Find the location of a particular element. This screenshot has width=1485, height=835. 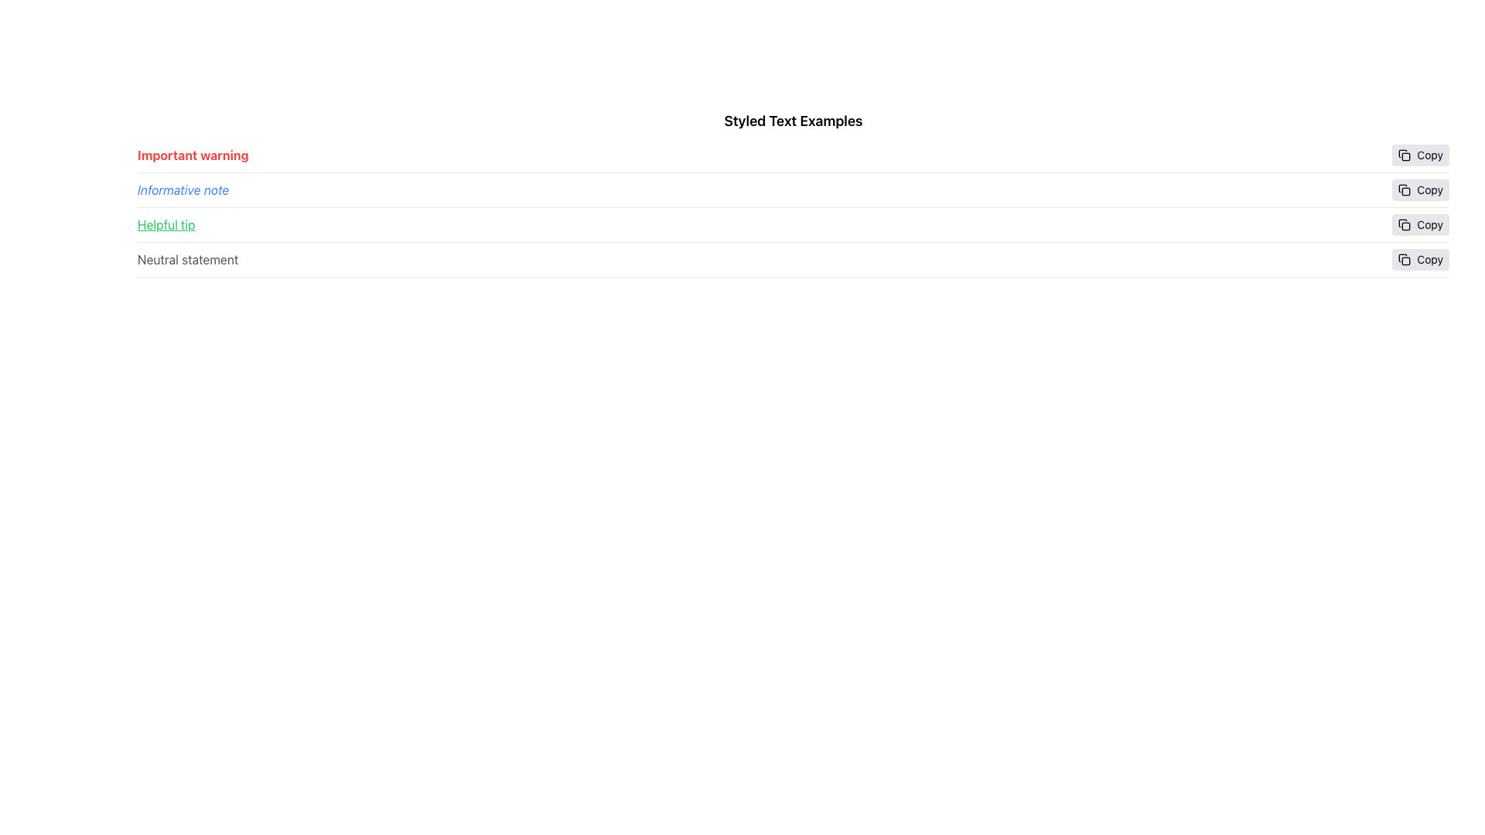

the static text element that displays informational content, positioned below 'Important warning' and above 'Helpful tip' is located at coordinates (183, 189).